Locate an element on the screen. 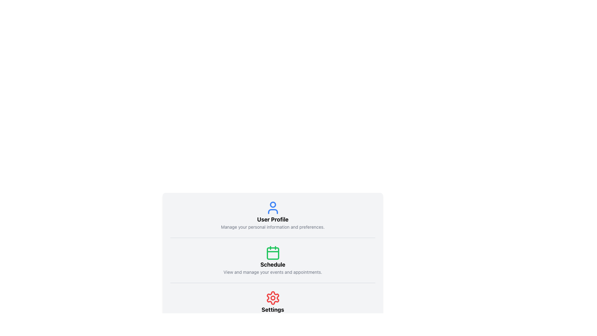  Section Header with Icon that displays 'User Profile' and includes a user icon, to understand its meaning is located at coordinates (273, 215).